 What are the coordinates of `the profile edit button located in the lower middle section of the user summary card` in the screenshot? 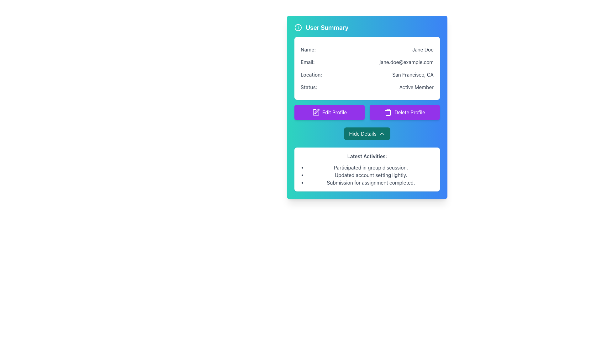 It's located at (329, 112).